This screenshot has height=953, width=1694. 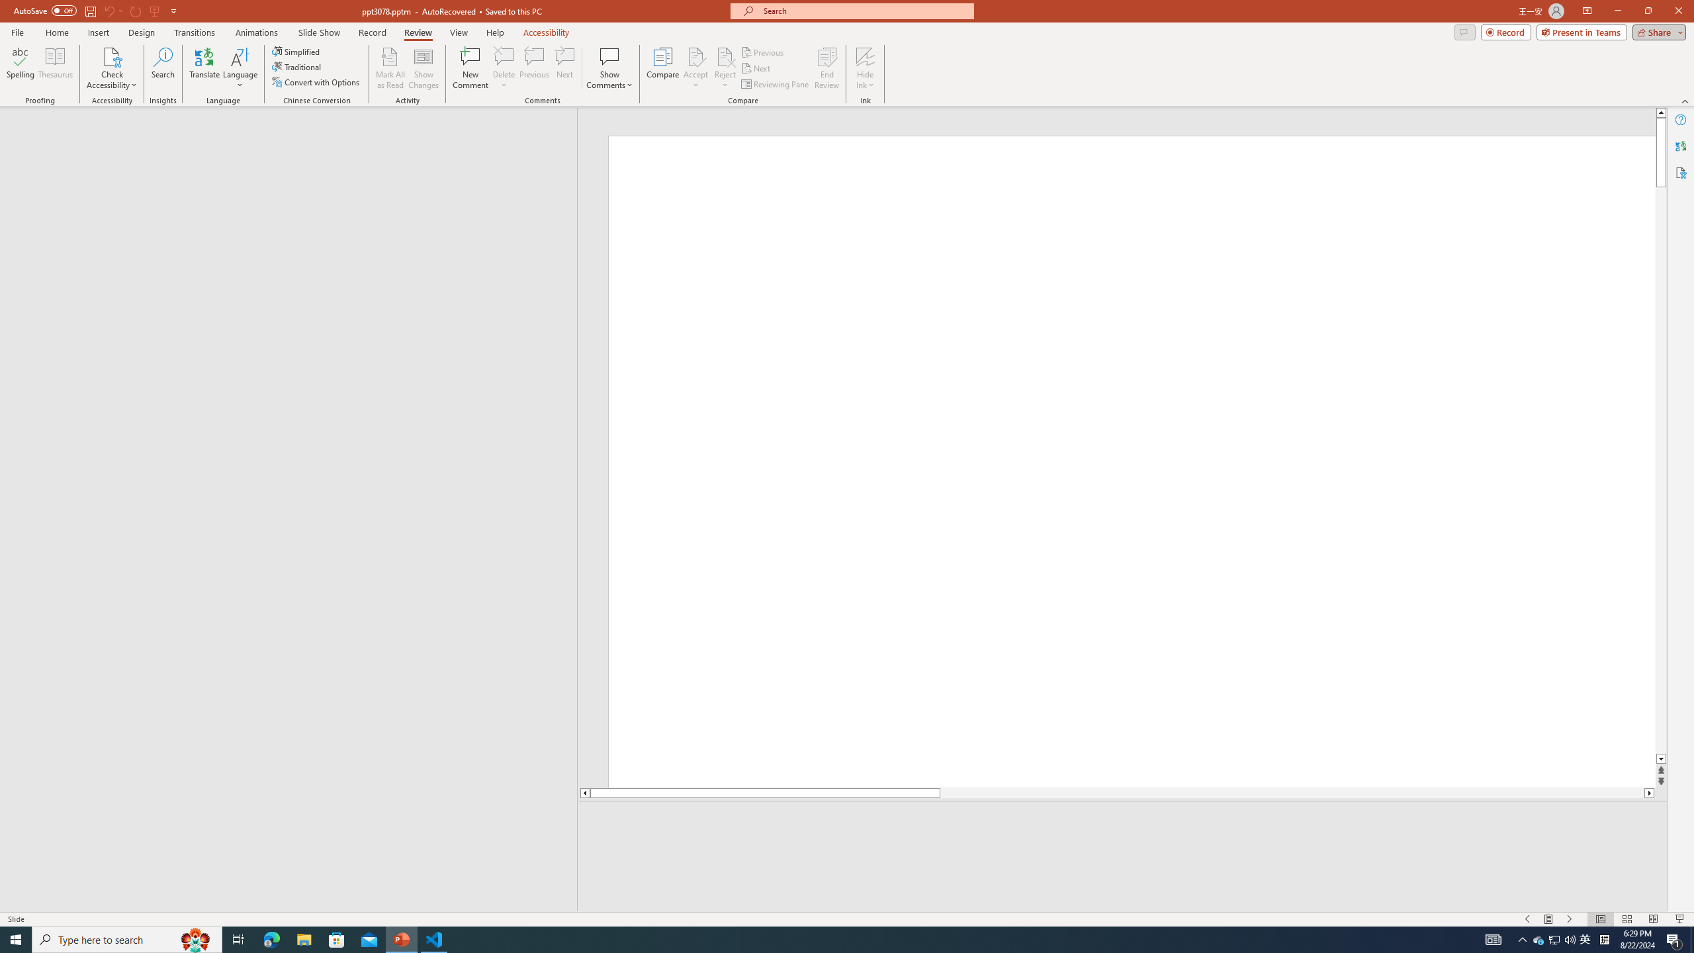 What do you see at coordinates (724, 56) in the screenshot?
I see `'Reject Change'` at bounding box center [724, 56].